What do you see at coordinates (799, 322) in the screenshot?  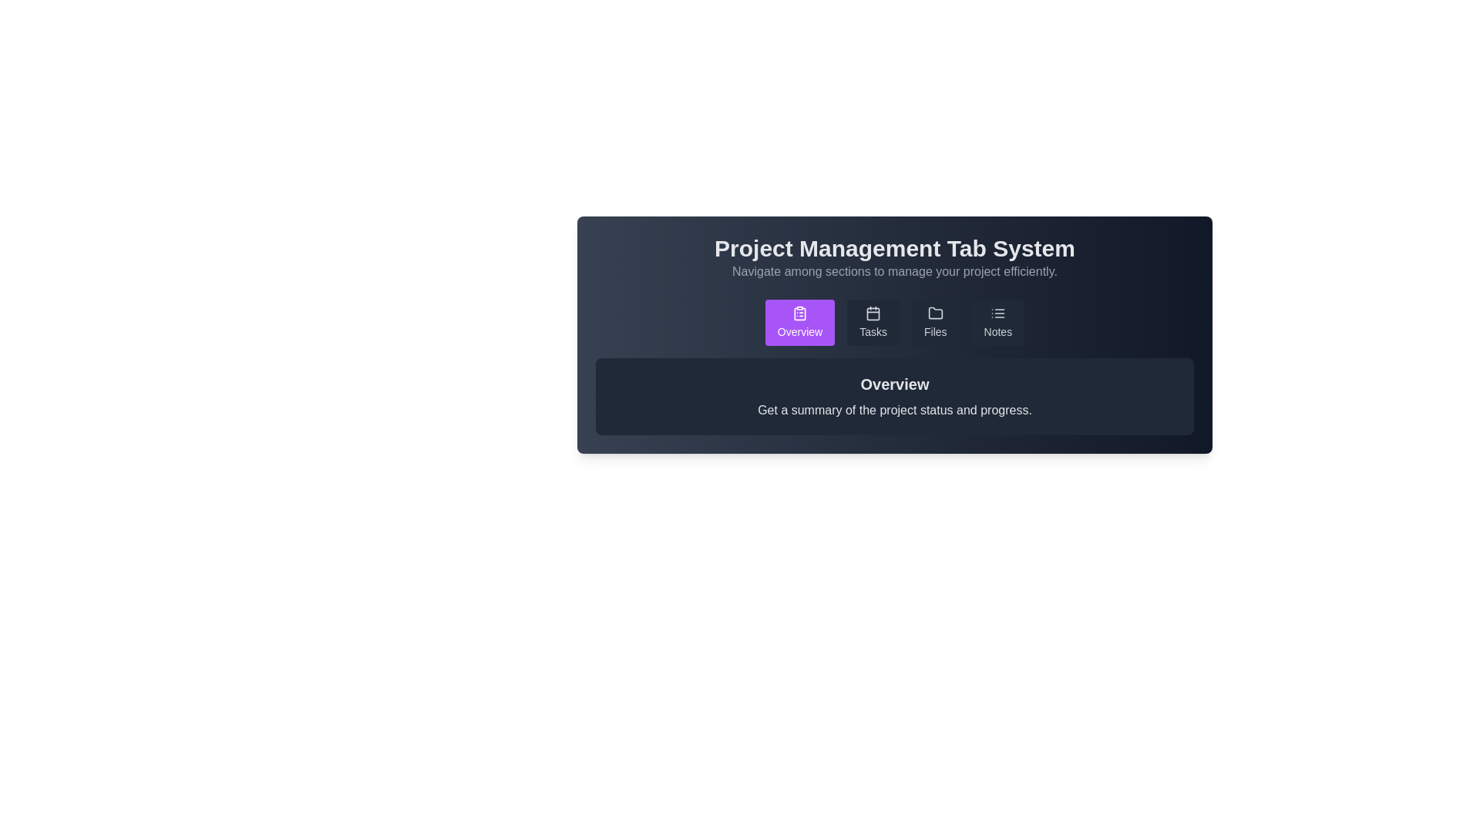 I see `the Overview tab by clicking on its button` at bounding box center [799, 322].